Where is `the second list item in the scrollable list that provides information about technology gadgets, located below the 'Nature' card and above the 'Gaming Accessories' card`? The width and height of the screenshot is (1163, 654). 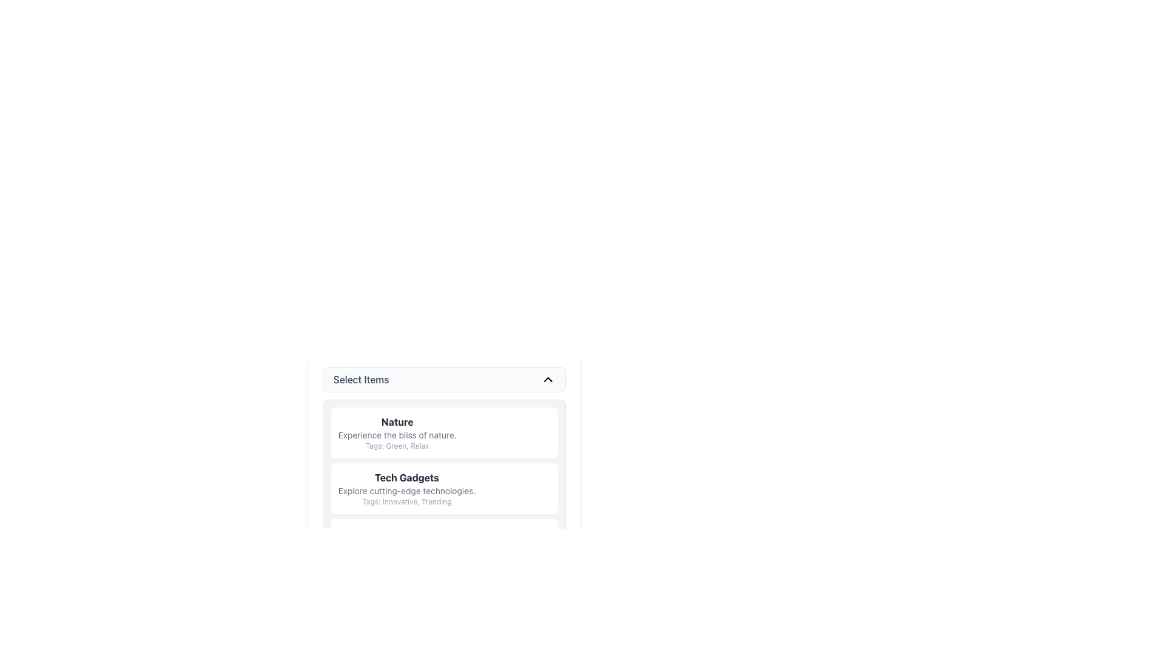 the second list item in the scrollable list that provides information about technology gadgets, located below the 'Nature' card and above the 'Gaming Accessories' card is located at coordinates (443, 487).